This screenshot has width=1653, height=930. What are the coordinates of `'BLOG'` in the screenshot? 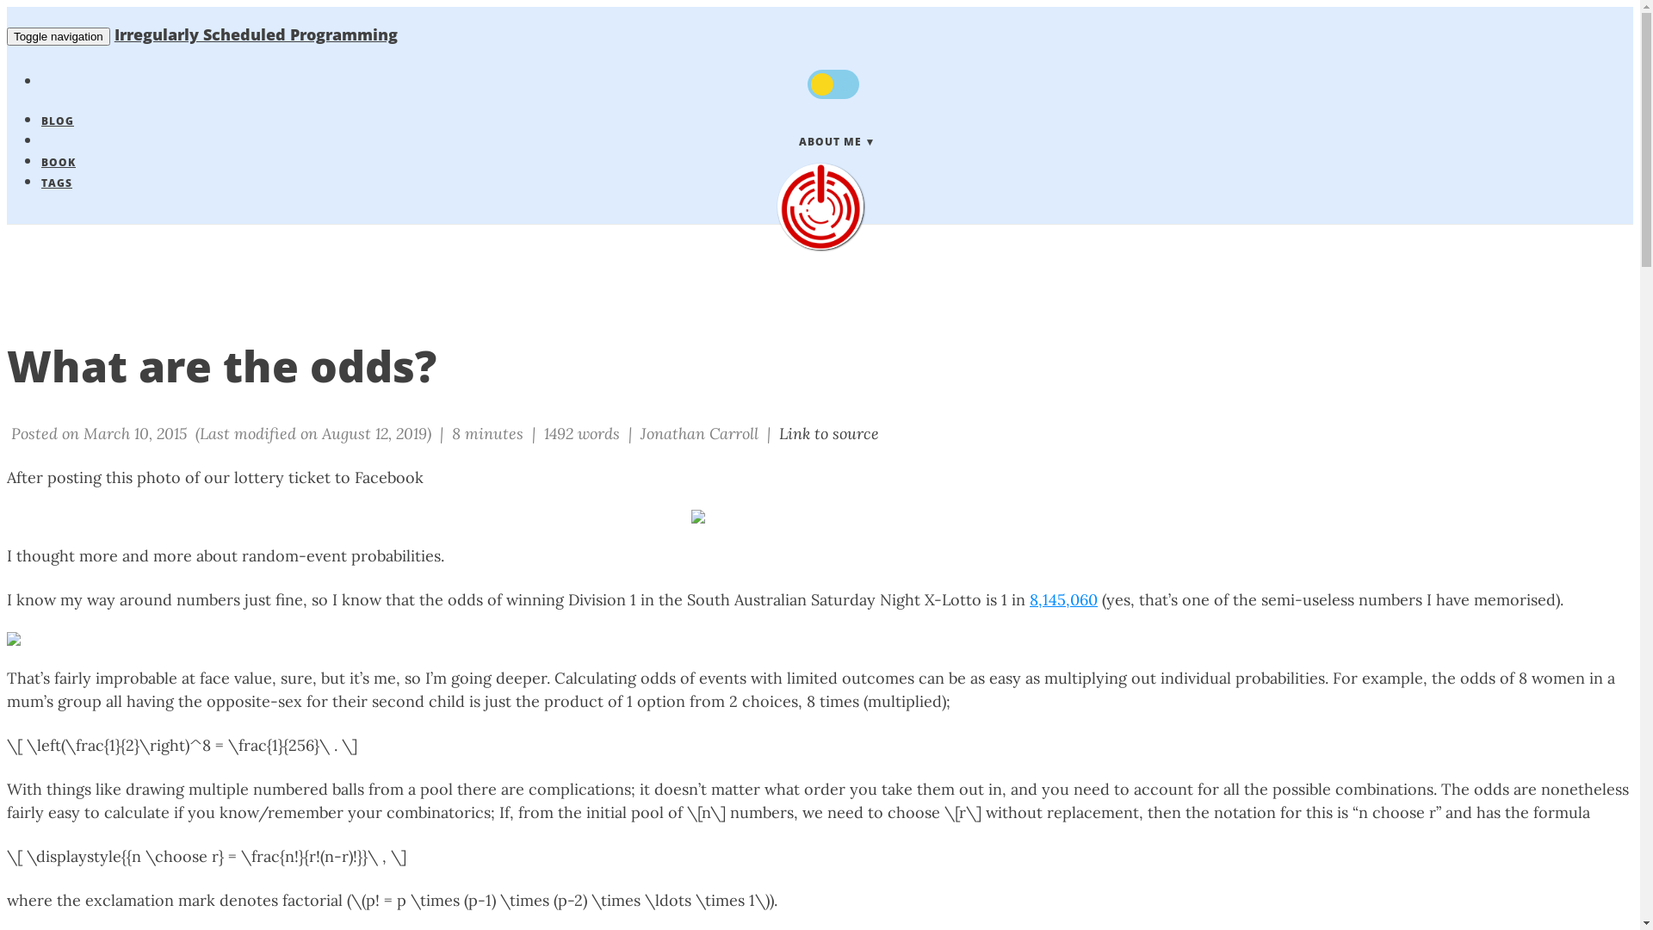 It's located at (58, 120).